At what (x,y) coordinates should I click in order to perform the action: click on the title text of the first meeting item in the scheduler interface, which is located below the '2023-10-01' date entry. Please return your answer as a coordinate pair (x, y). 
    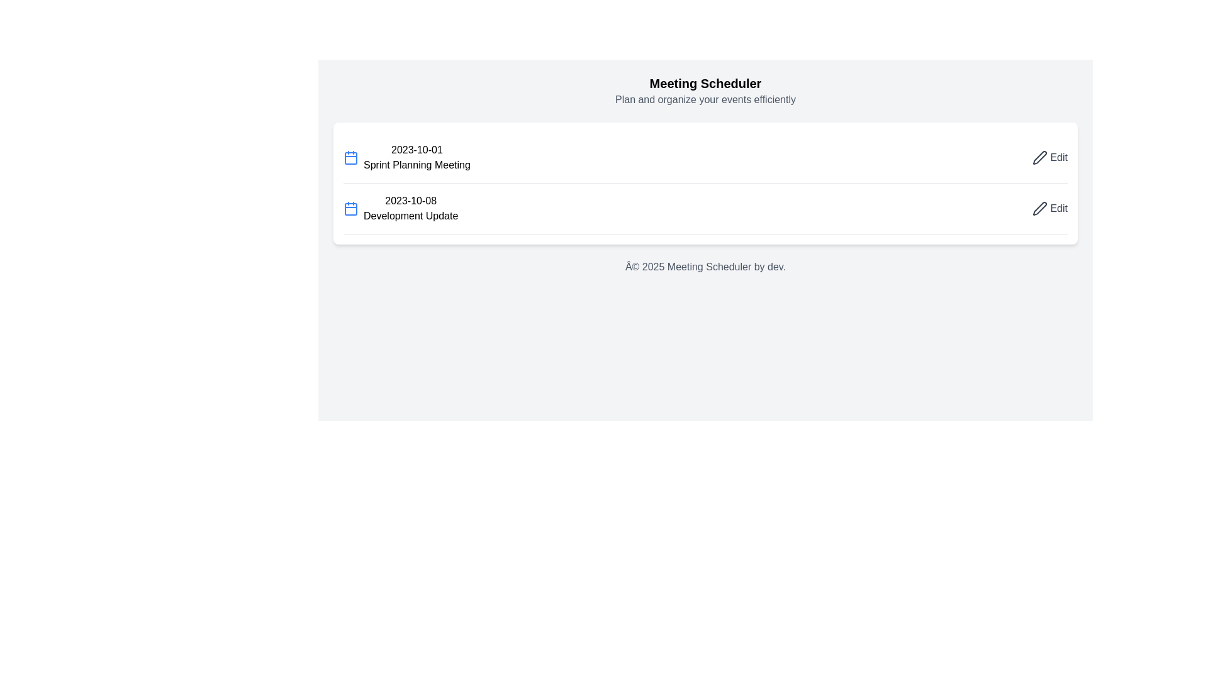
    Looking at the image, I should click on (417, 164).